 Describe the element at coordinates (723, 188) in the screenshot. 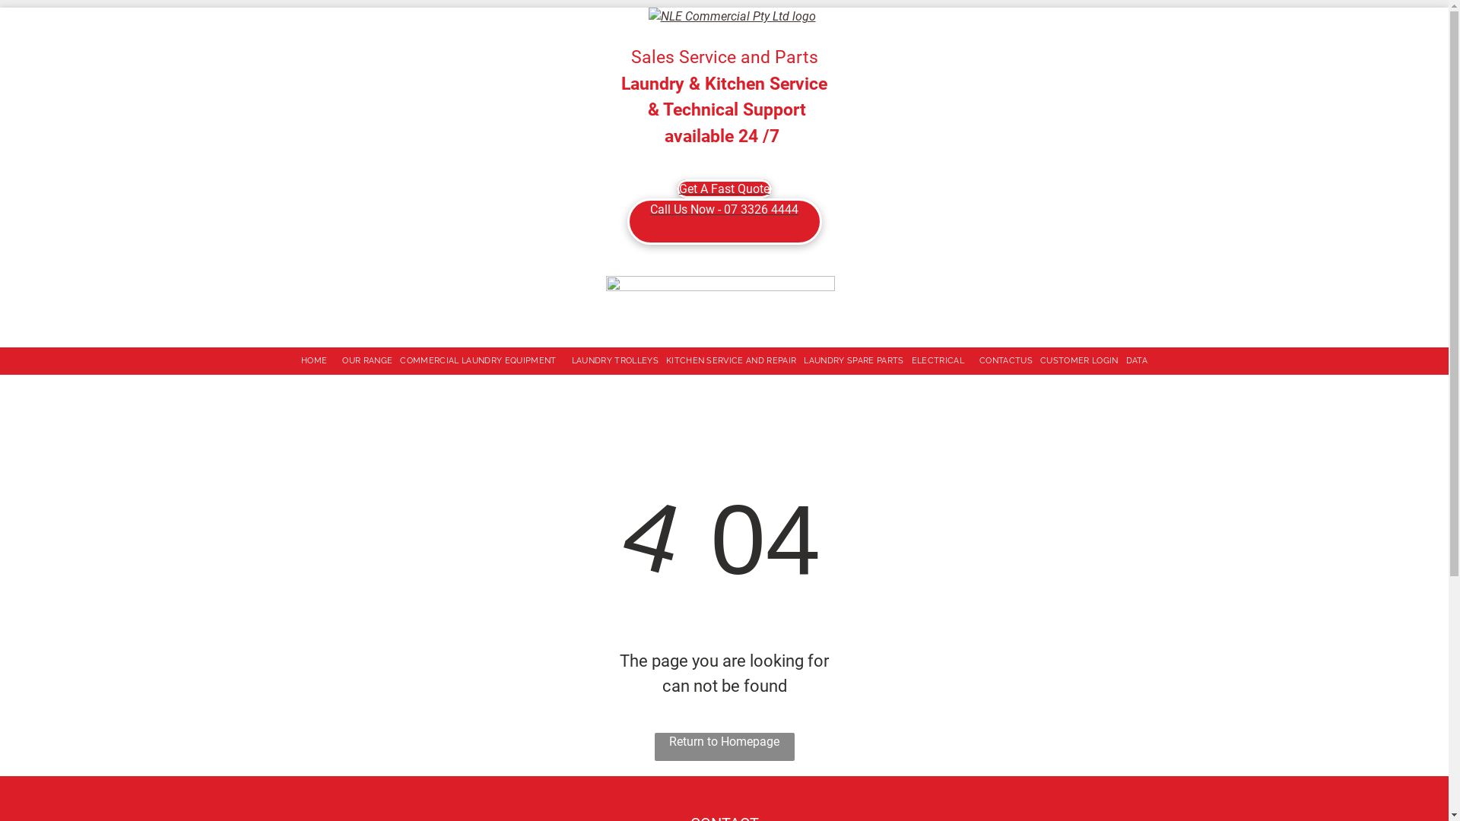

I see `'Get A Fast Quote'` at that location.